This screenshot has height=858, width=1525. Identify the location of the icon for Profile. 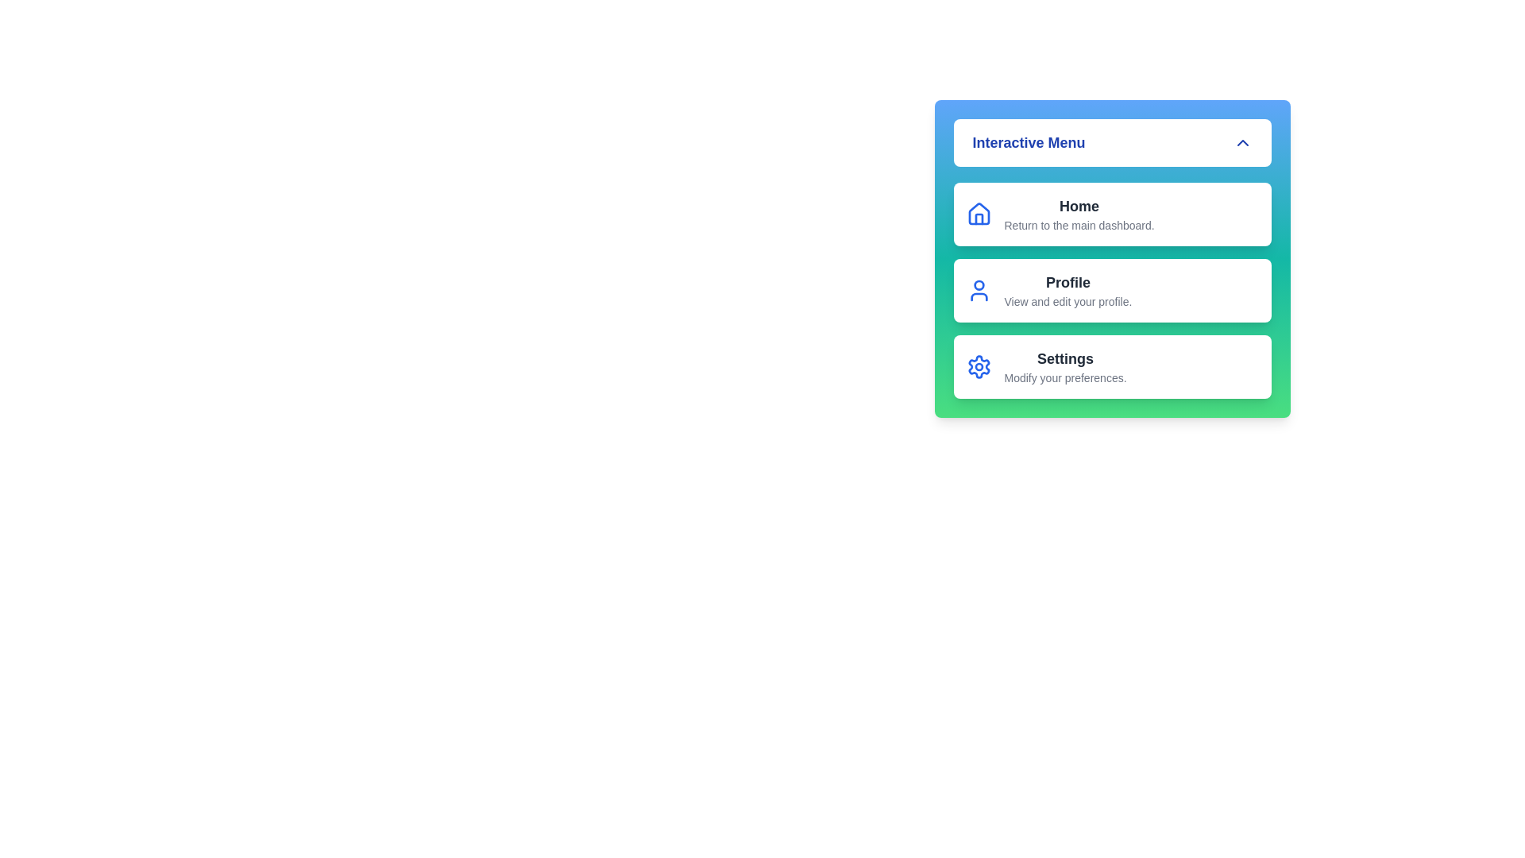
(978, 291).